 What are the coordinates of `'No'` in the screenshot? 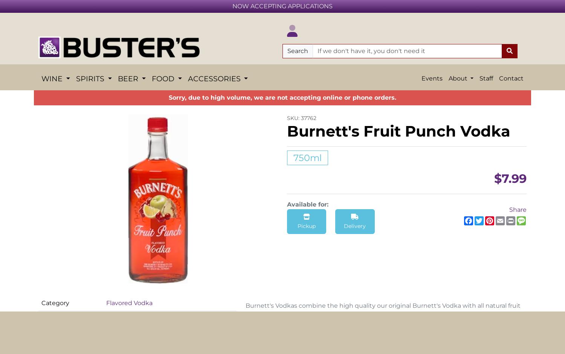 It's located at (380, 205).